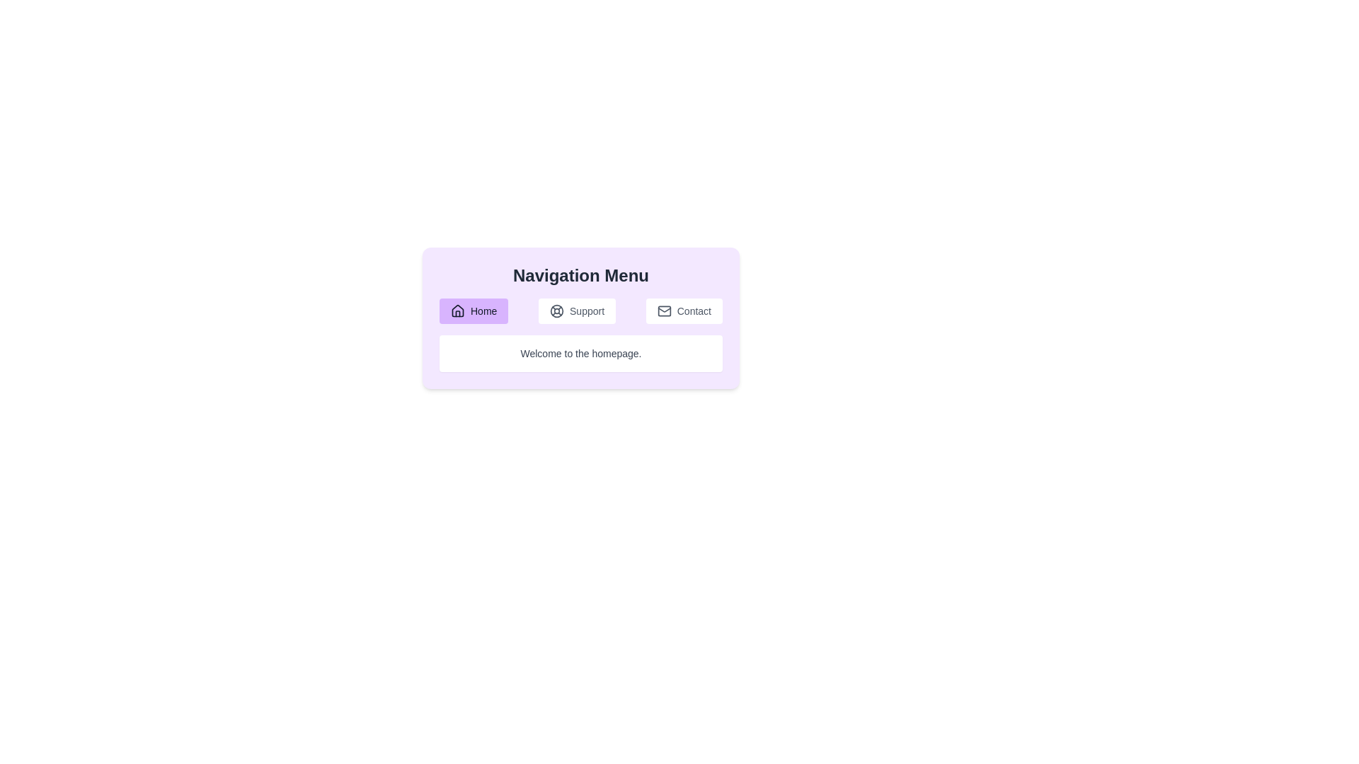 The height and width of the screenshot is (764, 1359). Describe the element at coordinates (556, 310) in the screenshot. I see `the 'Support' button by interacting with the visual indicator icon located in the center-left region of the button` at that location.